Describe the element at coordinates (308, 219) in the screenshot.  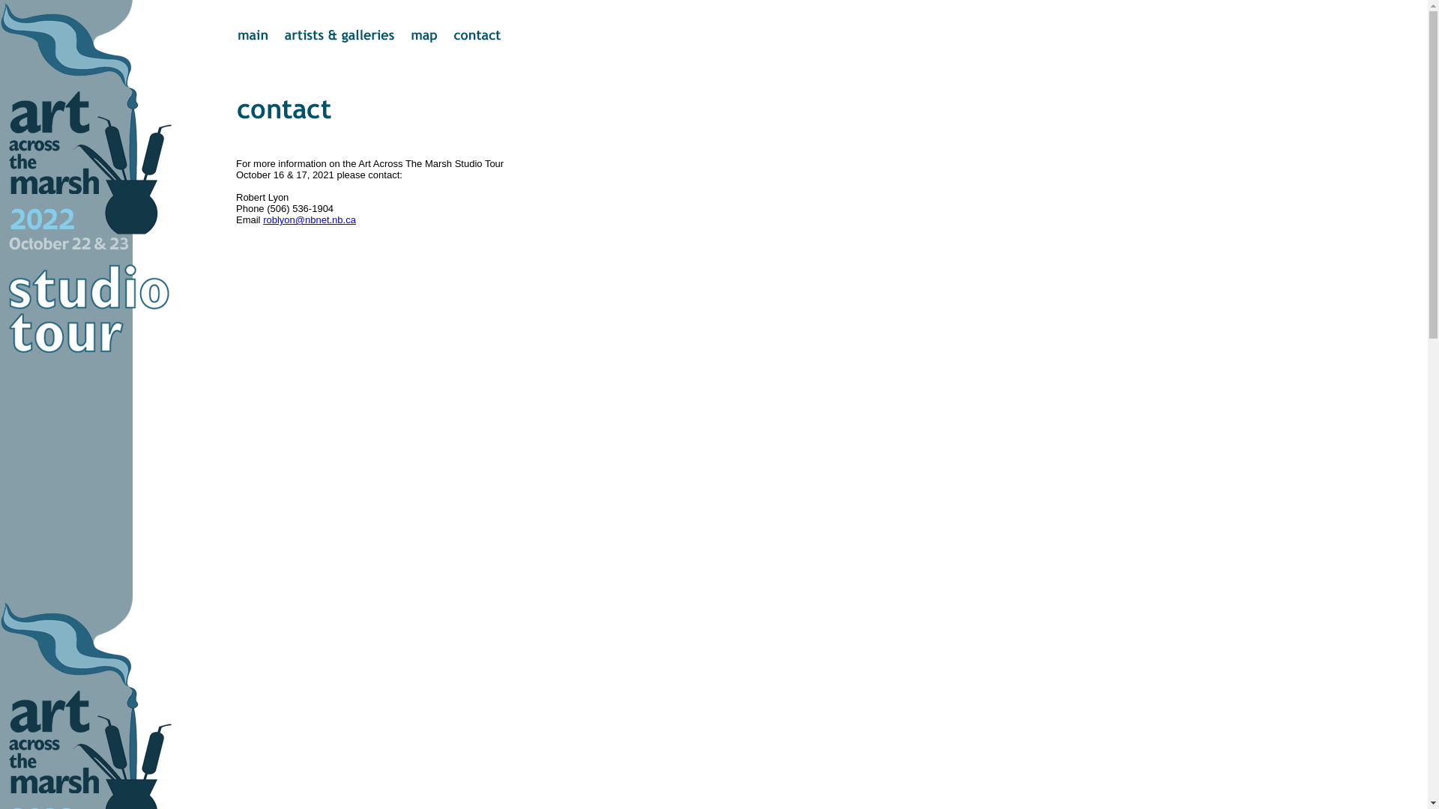
I see `'roblyon@nbnet.nb.ca'` at that location.